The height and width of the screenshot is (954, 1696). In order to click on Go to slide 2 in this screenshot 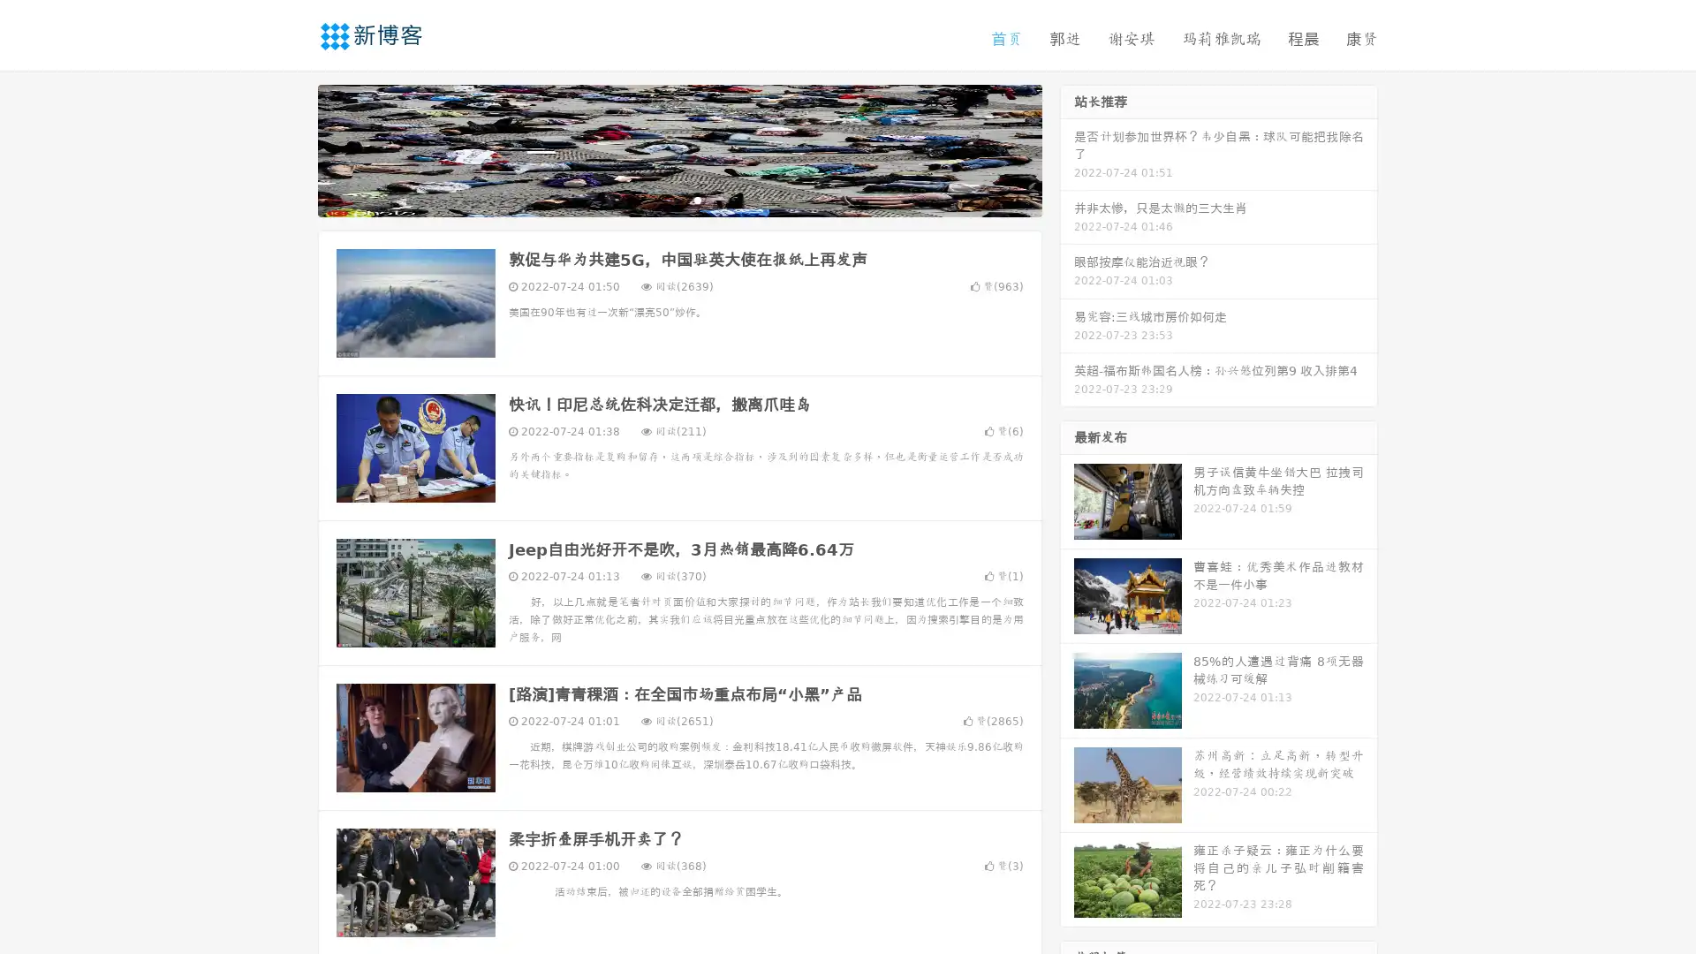, I will do `click(678, 199)`.